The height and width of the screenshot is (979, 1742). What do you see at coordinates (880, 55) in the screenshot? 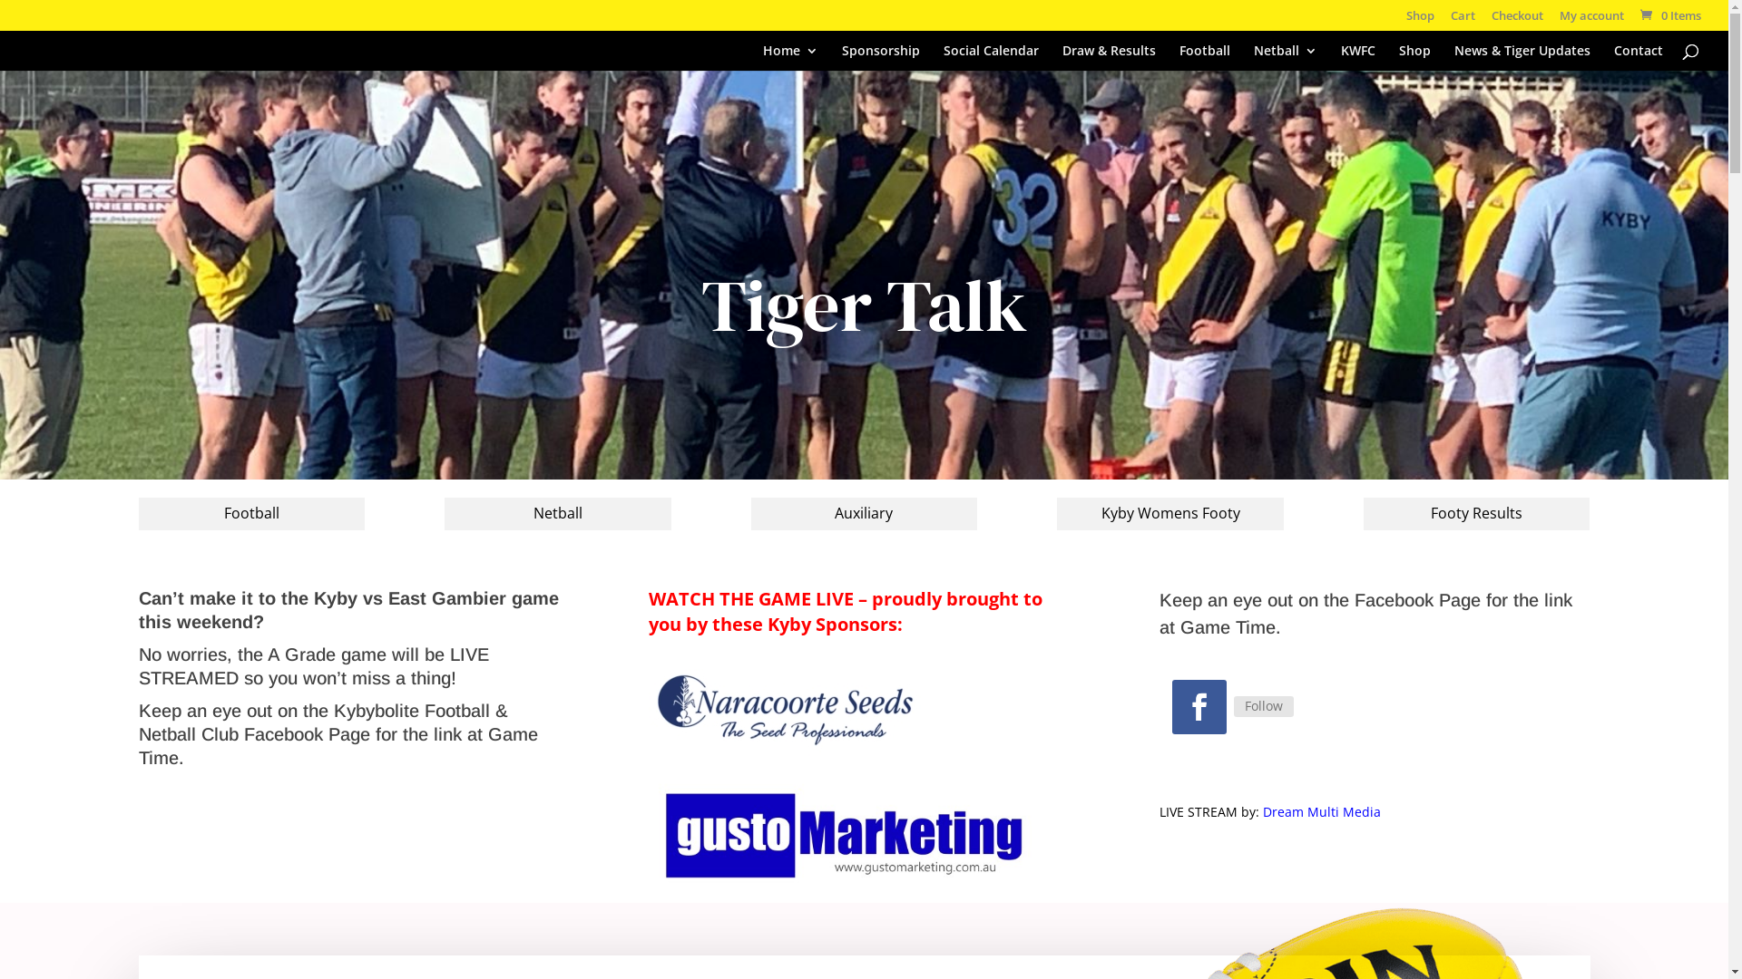
I see `'Sponsorship'` at bounding box center [880, 55].